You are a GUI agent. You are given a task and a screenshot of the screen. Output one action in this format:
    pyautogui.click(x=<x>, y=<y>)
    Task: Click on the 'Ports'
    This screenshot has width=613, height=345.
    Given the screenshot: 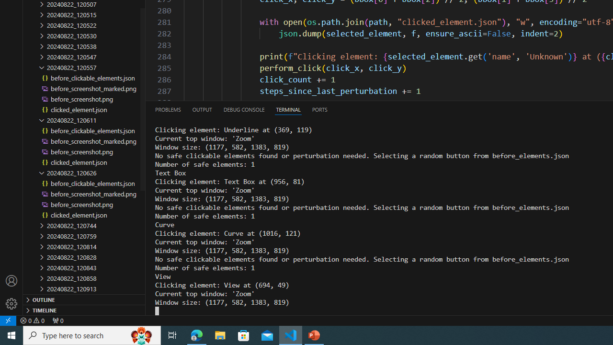 What is the action you would take?
    pyautogui.click(x=319, y=109)
    